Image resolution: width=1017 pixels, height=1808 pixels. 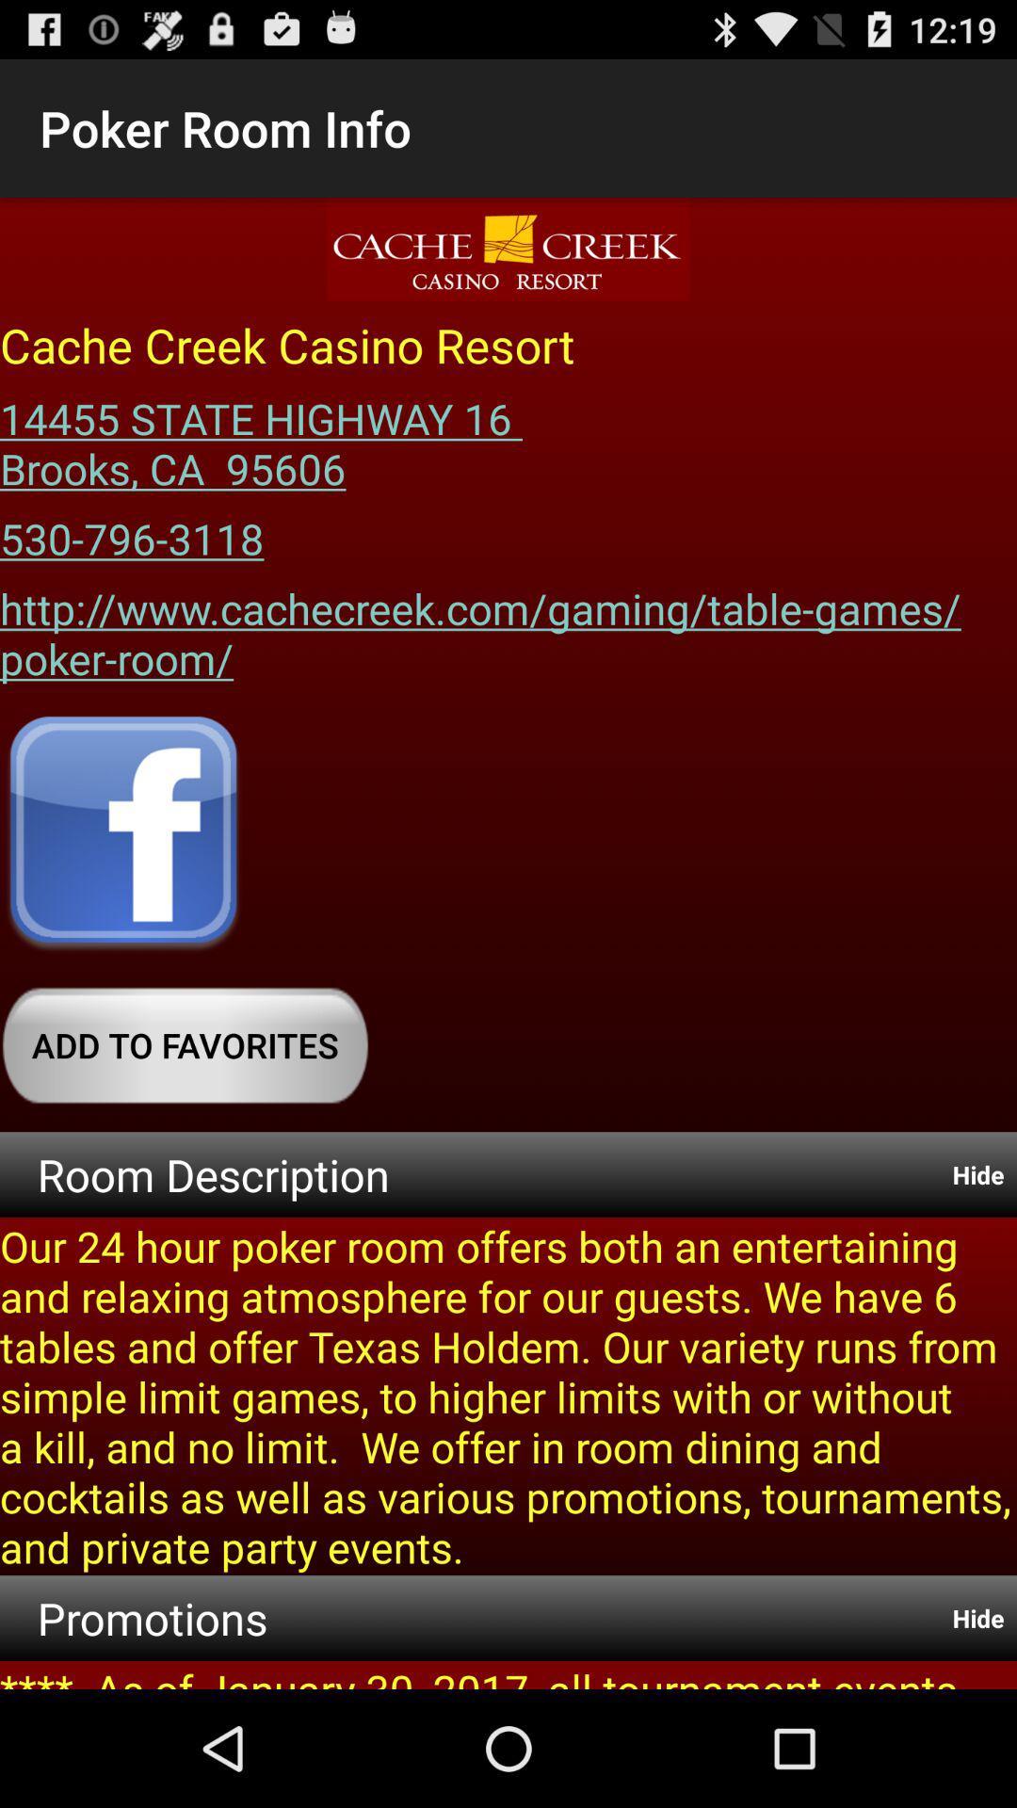 I want to click on the item below cache creek casino icon, so click(x=267, y=436).